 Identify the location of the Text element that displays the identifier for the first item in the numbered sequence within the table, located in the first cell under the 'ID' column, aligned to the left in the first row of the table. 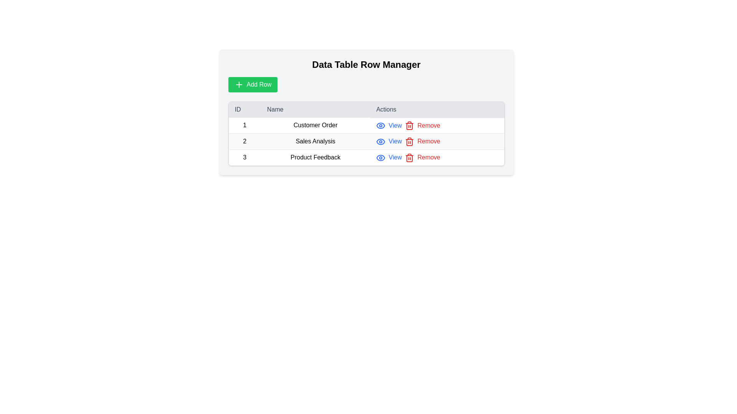
(244, 125).